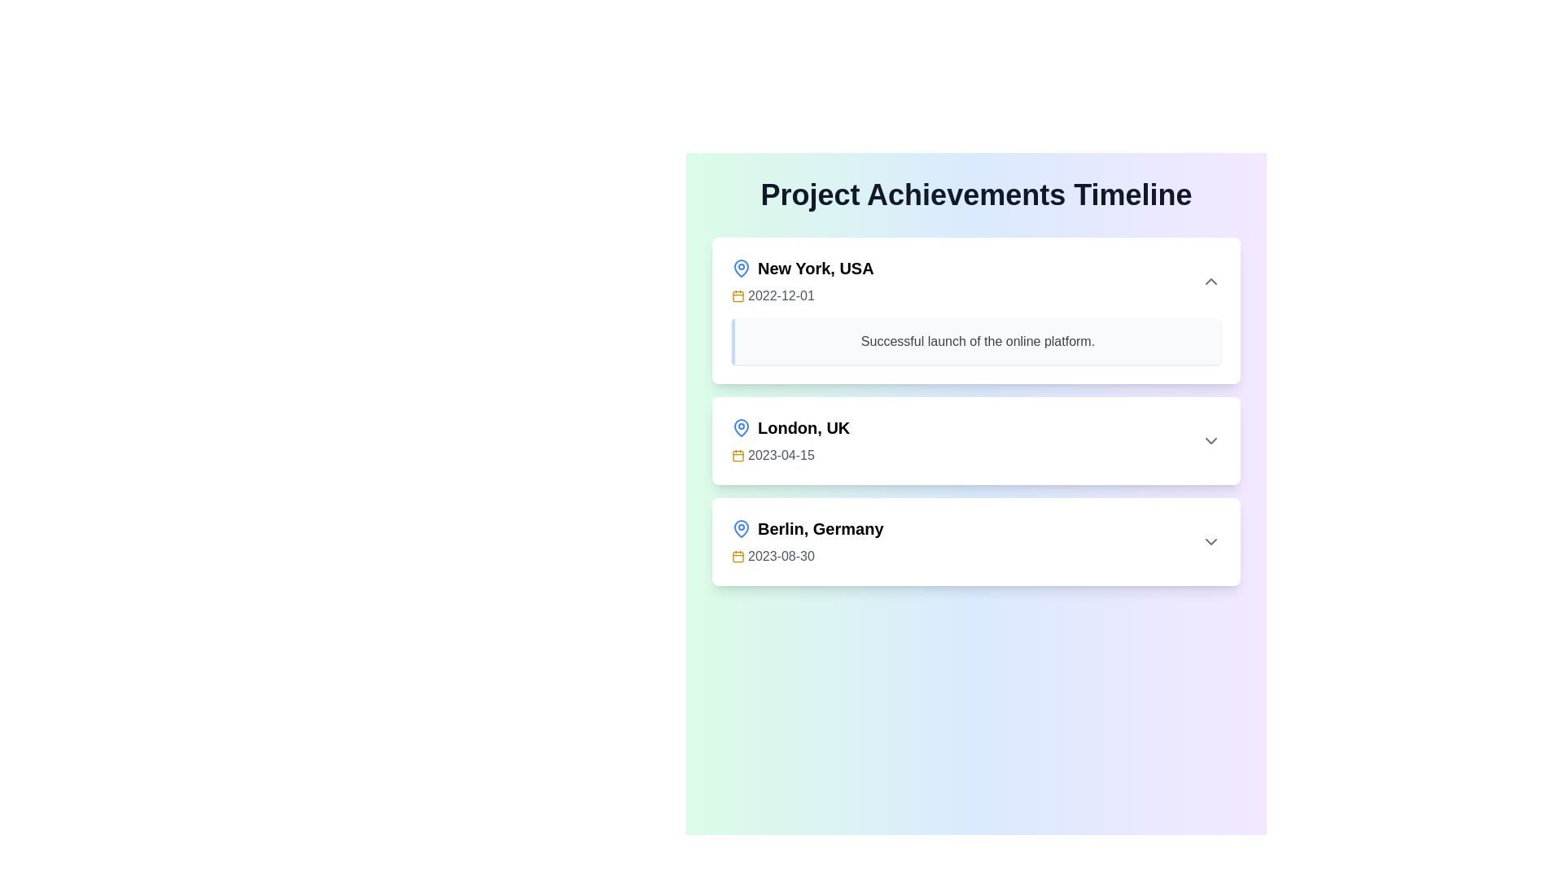  I want to click on the downward-pointing chevron icon button located on the rightmost side of the row labeled 'Berlin, Germany 2023-08-30', so click(1211, 542).